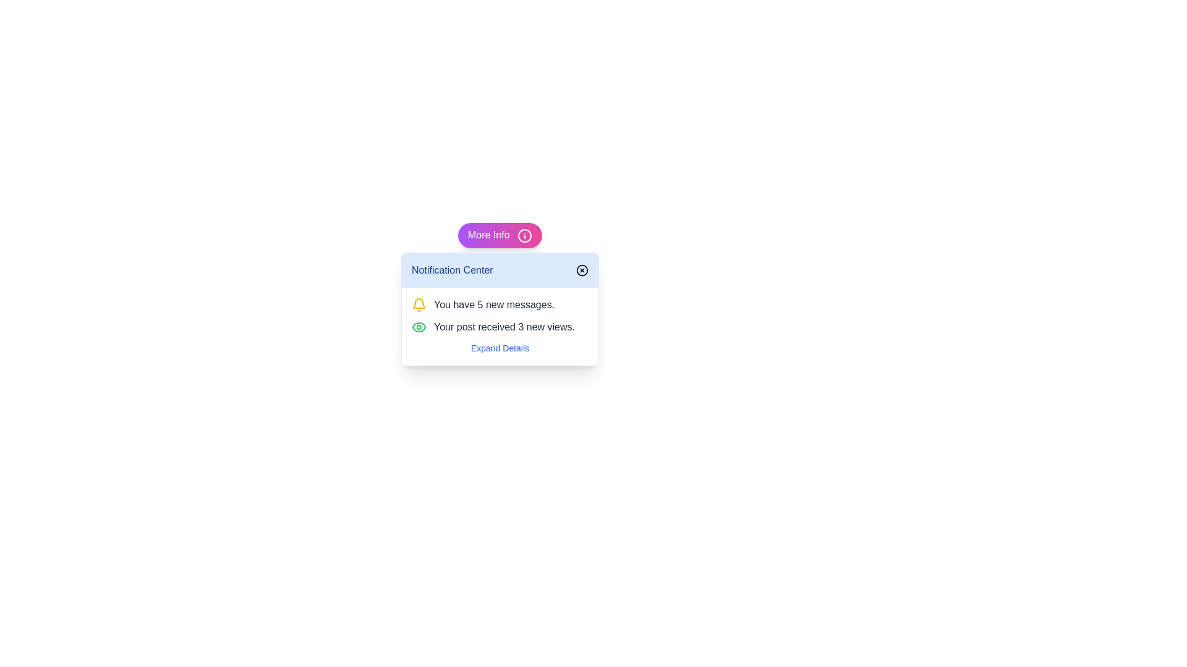 This screenshot has width=1187, height=667. Describe the element at coordinates (500, 235) in the screenshot. I see `the gradient background button at the top-center of the notification card` at that location.